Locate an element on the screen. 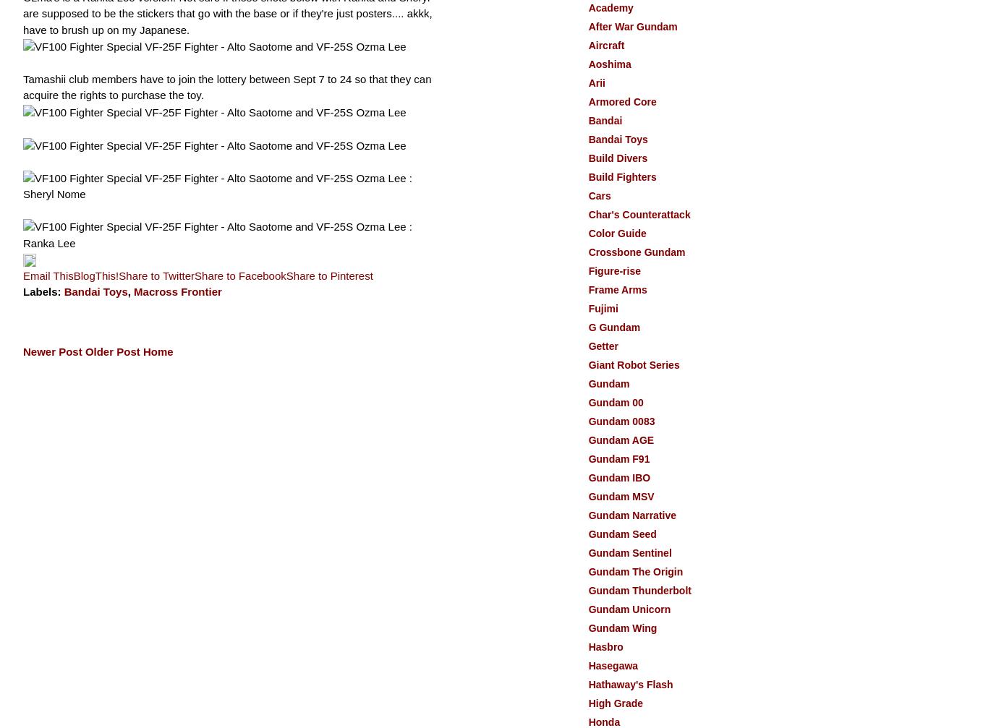  'Hasegawa' is located at coordinates (613, 665).